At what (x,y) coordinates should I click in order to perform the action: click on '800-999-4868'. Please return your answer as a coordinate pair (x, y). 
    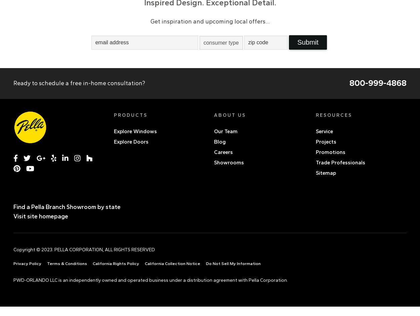
    Looking at the image, I should click on (349, 82).